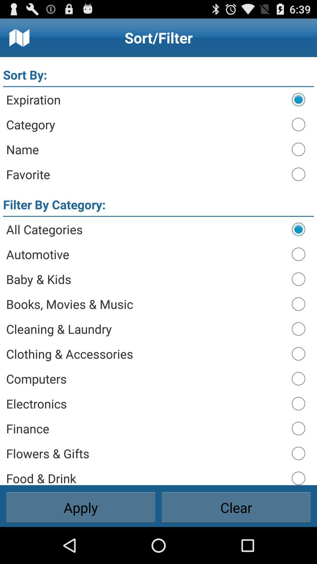 This screenshot has height=564, width=317. What do you see at coordinates (146, 428) in the screenshot?
I see `finance icon` at bounding box center [146, 428].